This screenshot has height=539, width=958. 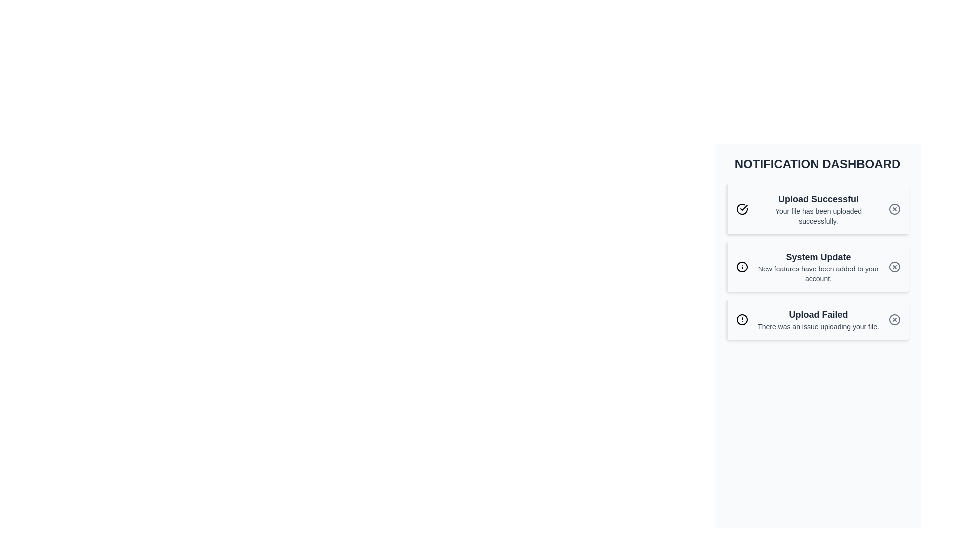 What do you see at coordinates (895, 267) in the screenshot?
I see `the dismiss button located in the top-right corner of the 'System Update' notification card` at bounding box center [895, 267].